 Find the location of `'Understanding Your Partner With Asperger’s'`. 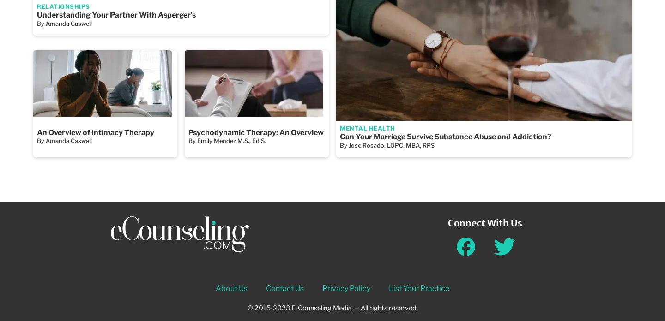

'Understanding Your Partner With Asperger’s' is located at coordinates (37, 15).